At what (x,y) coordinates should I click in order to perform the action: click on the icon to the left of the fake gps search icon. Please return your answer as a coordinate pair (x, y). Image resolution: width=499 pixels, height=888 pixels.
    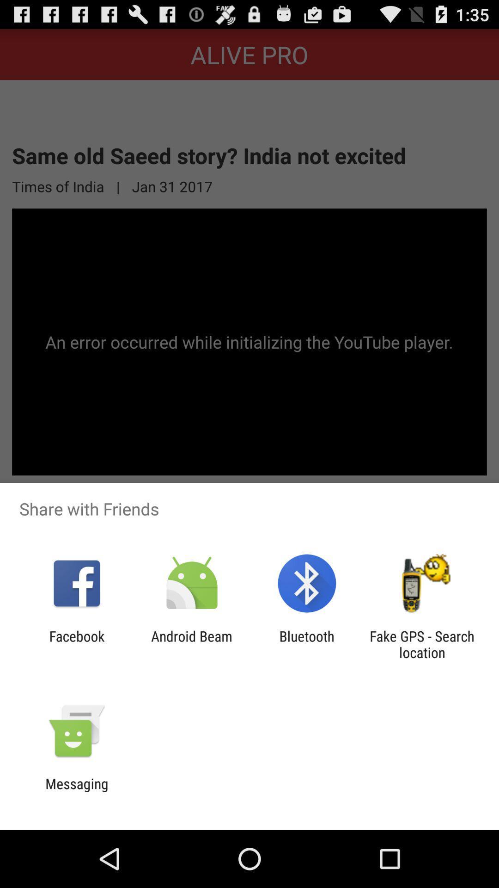
    Looking at the image, I should click on (307, 644).